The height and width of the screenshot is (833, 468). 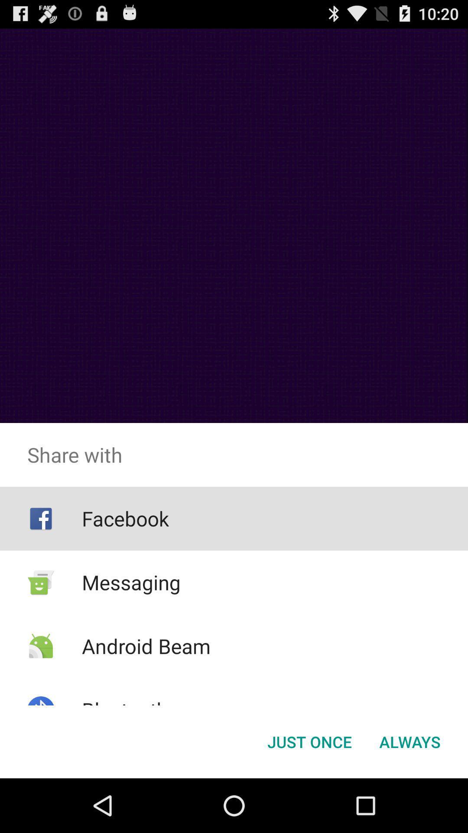 I want to click on the always button, so click(x=409, y=741).